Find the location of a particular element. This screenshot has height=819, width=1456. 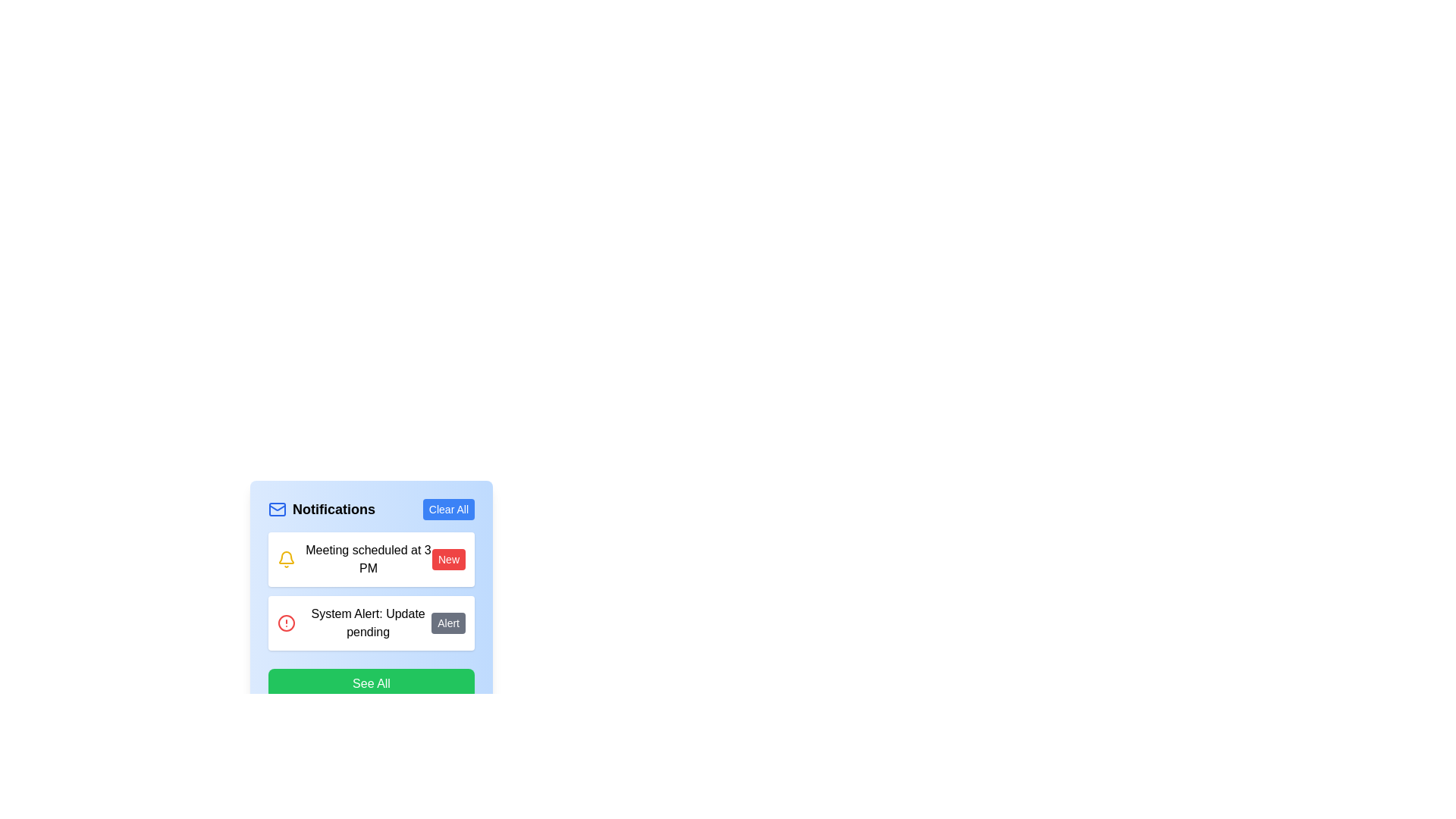

the visual state of the envelope icon with a blue outline, located to the left of the 'Notifications' label is located at coordinates (277, 509).